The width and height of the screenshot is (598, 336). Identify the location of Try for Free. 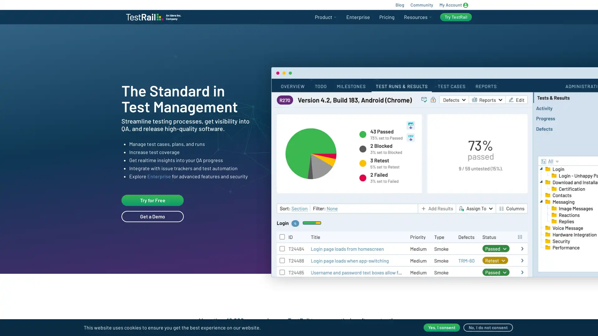
(152, 200).